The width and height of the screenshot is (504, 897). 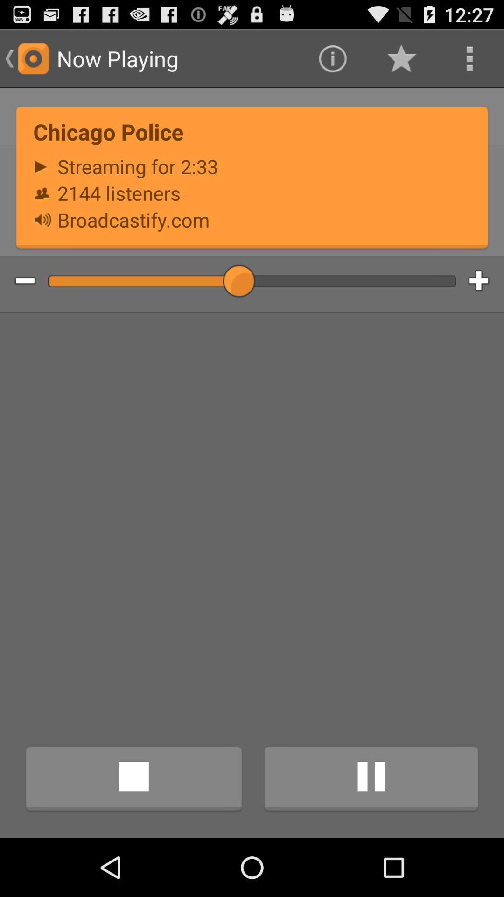 I want to click on item above the chicago police item, so click(x=469, y=58).